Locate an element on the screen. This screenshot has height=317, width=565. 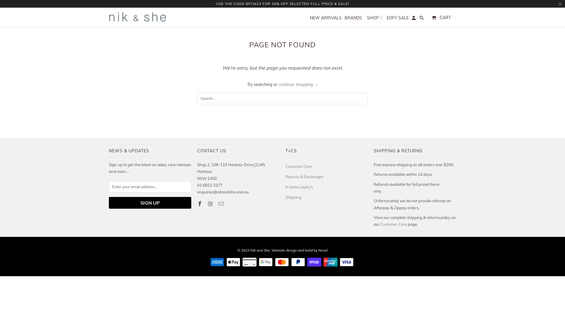
'EOFY SALE' is located at coordinates (398, 19).